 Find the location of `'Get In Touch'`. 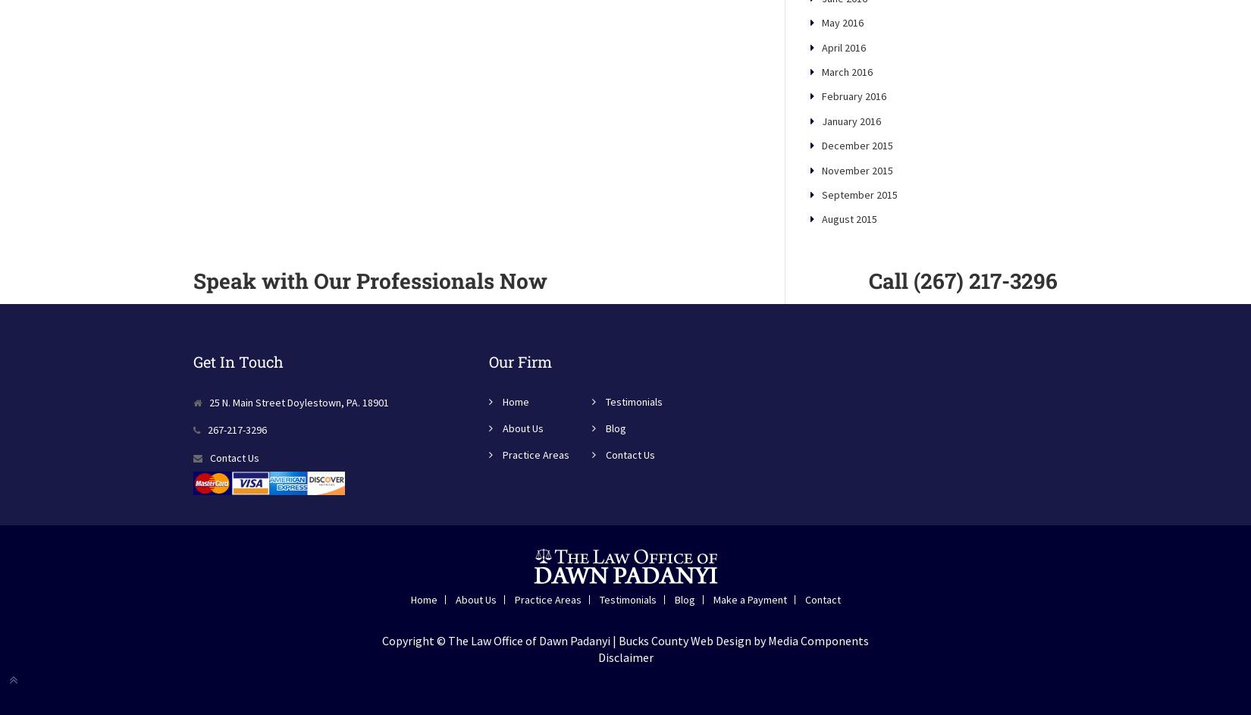

'Get In Touch' is located at coordinates (238, 413).